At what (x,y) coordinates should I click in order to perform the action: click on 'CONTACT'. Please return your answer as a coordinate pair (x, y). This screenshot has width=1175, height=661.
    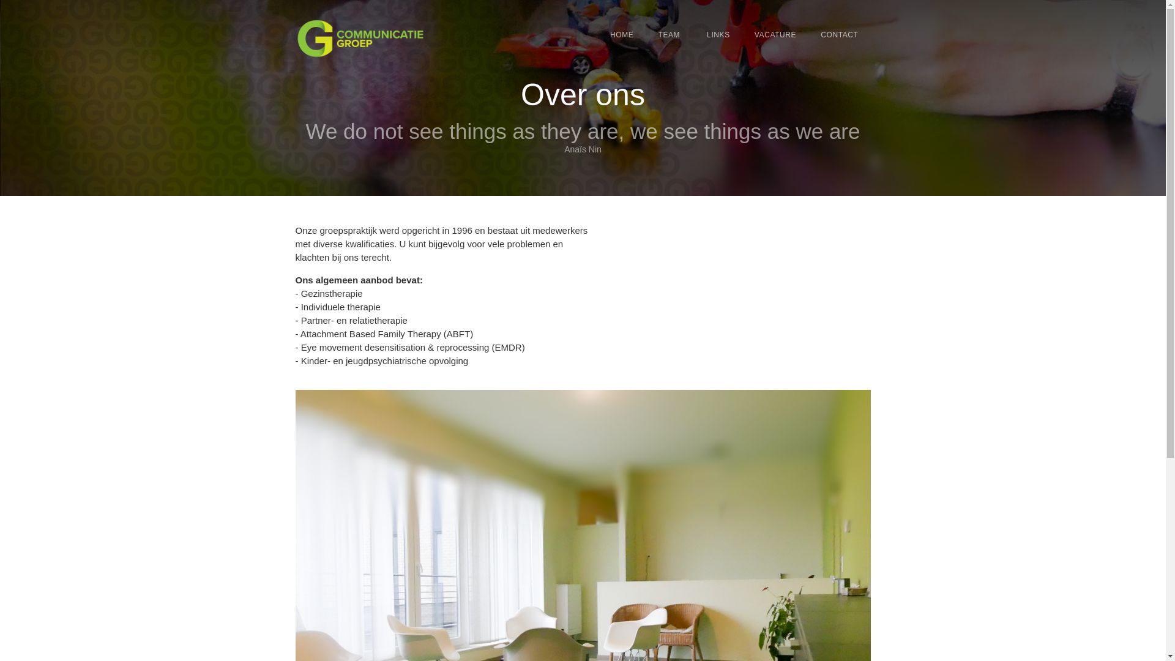
    Looking at the image, I should click on (838, 34).